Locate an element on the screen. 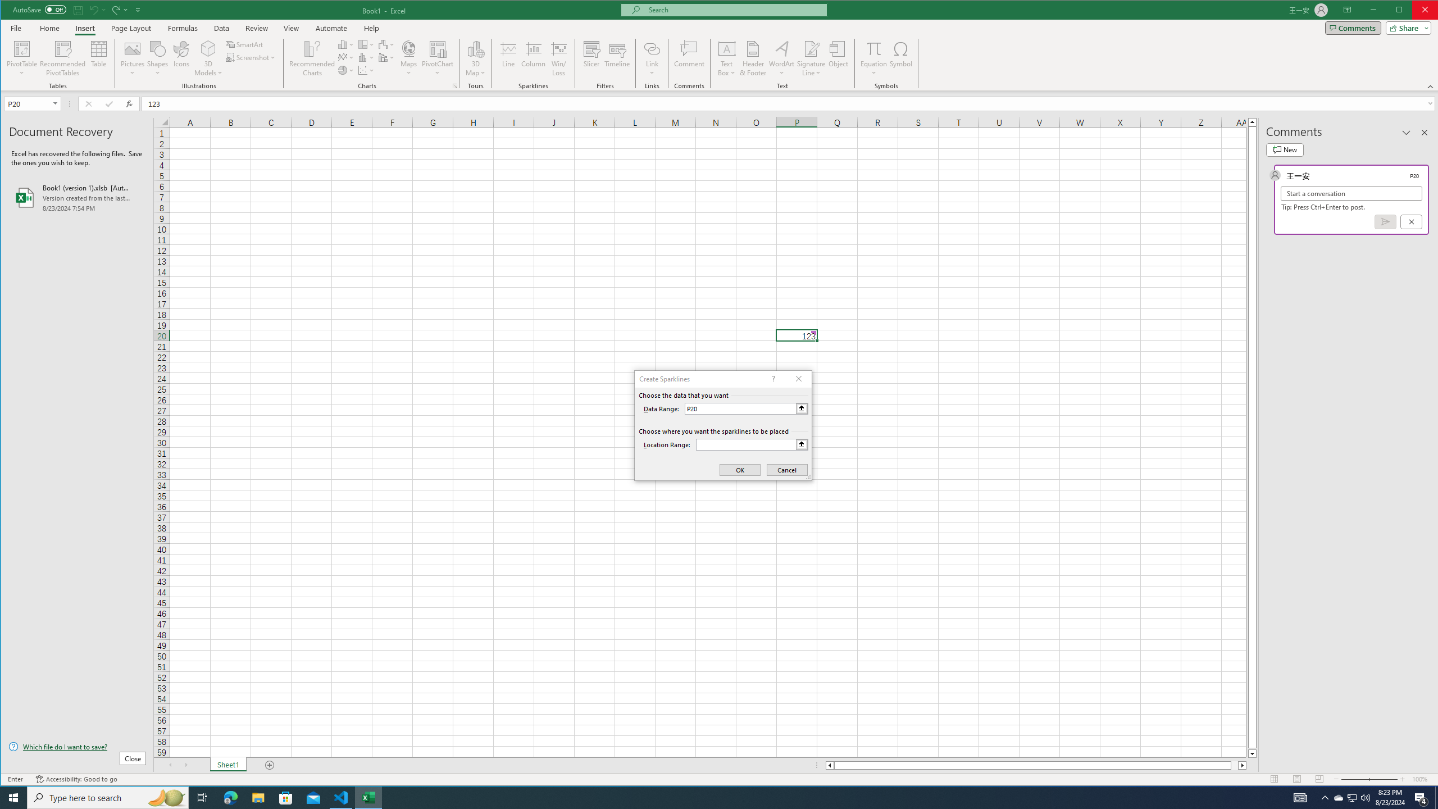 Image resolution: width=1438 pixels, height=809 pixels. 'Sheet1' is located at coordinates (227, 765).